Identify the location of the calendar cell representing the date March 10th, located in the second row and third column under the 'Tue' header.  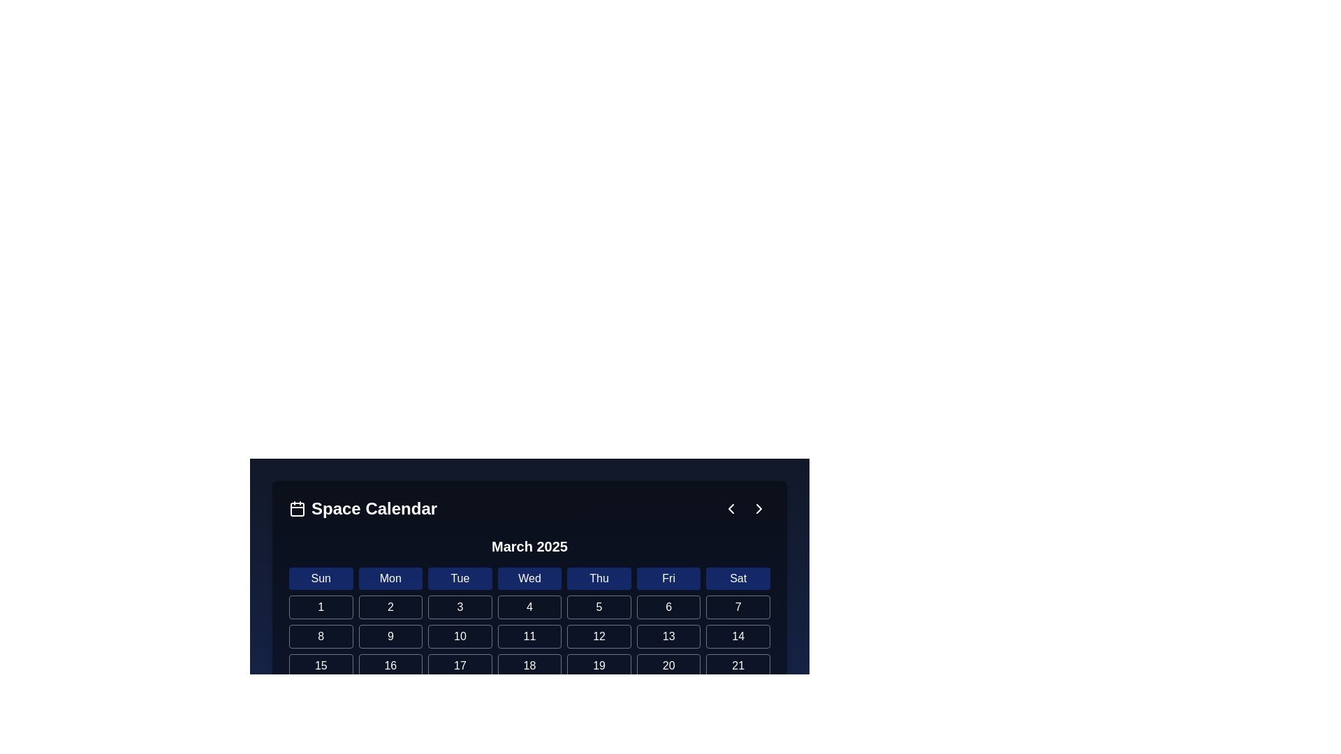
(460, 636).